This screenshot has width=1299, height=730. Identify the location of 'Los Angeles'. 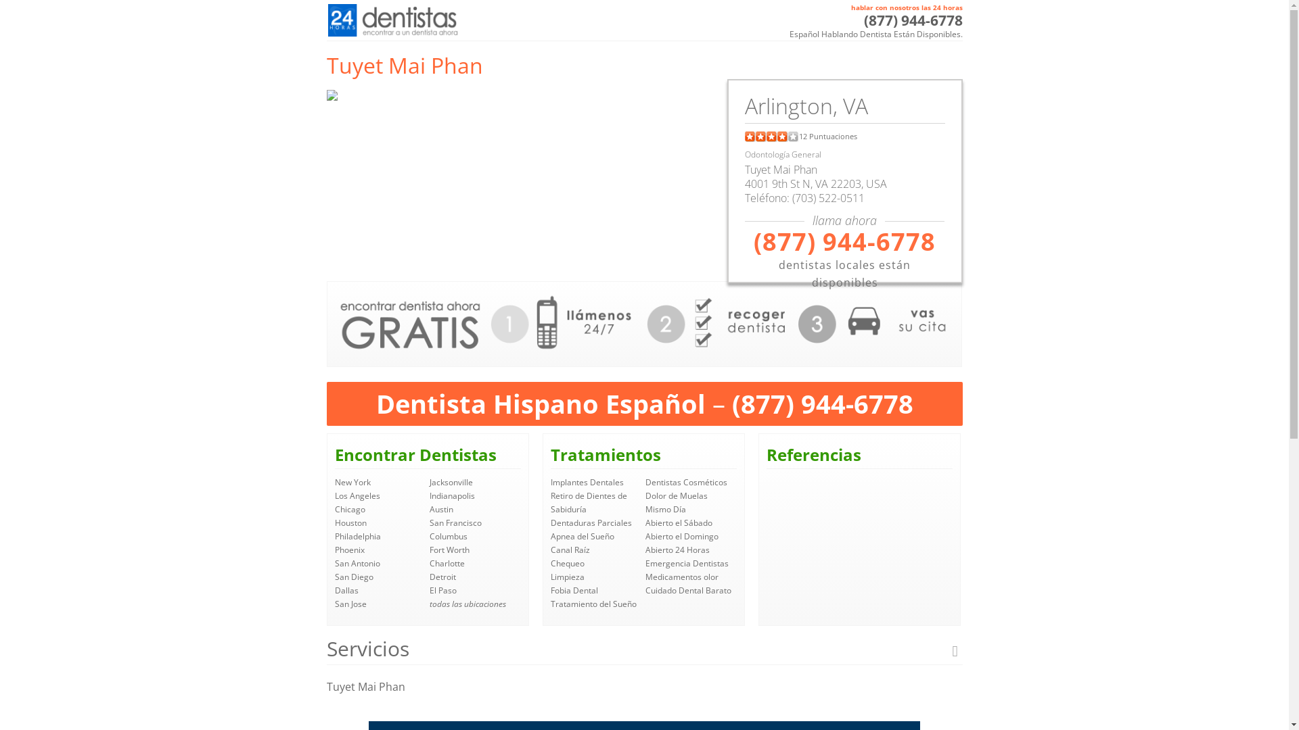
(334, 495).